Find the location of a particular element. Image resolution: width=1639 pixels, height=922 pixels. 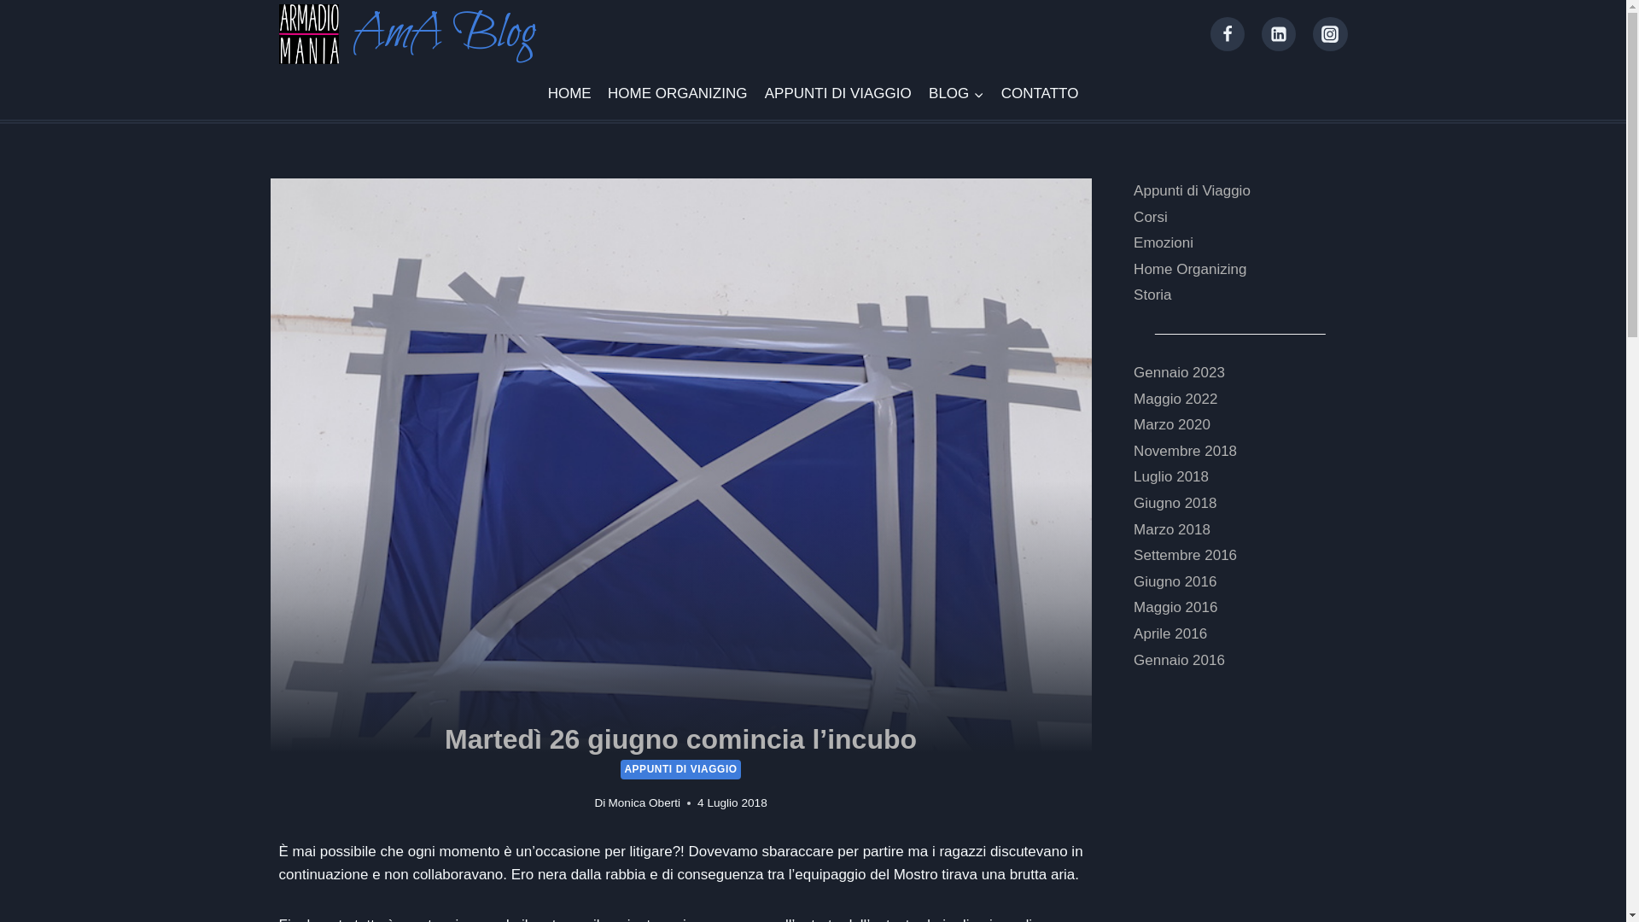

'Maggio 2016' is located at coordinates (1175, 606).